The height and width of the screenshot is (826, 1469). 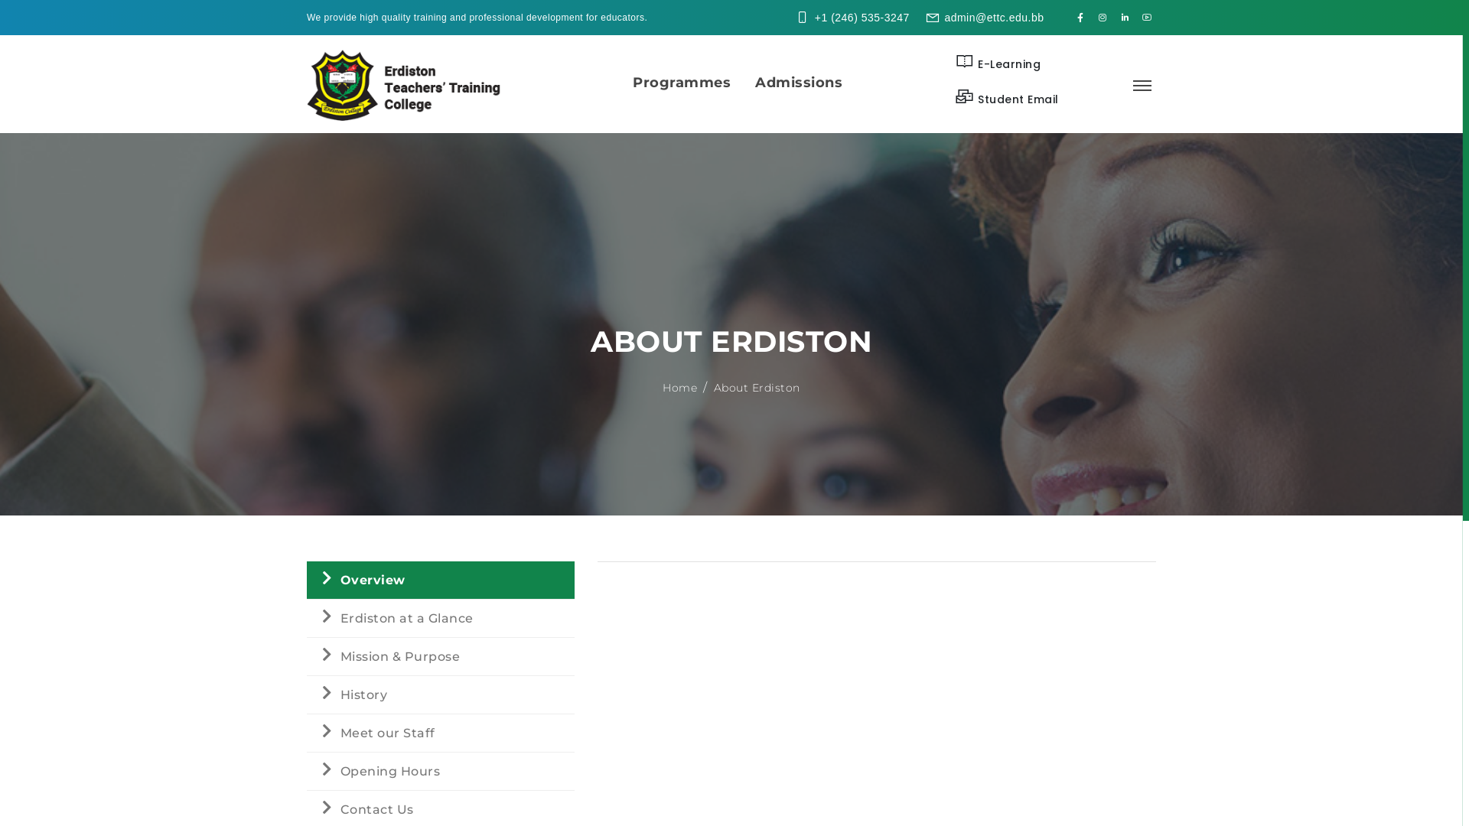 What do you see at coordinates (994, 18) in the screenshot?
I see `'admin@ettc.edu.bb'` at bounding box center [994, 18].